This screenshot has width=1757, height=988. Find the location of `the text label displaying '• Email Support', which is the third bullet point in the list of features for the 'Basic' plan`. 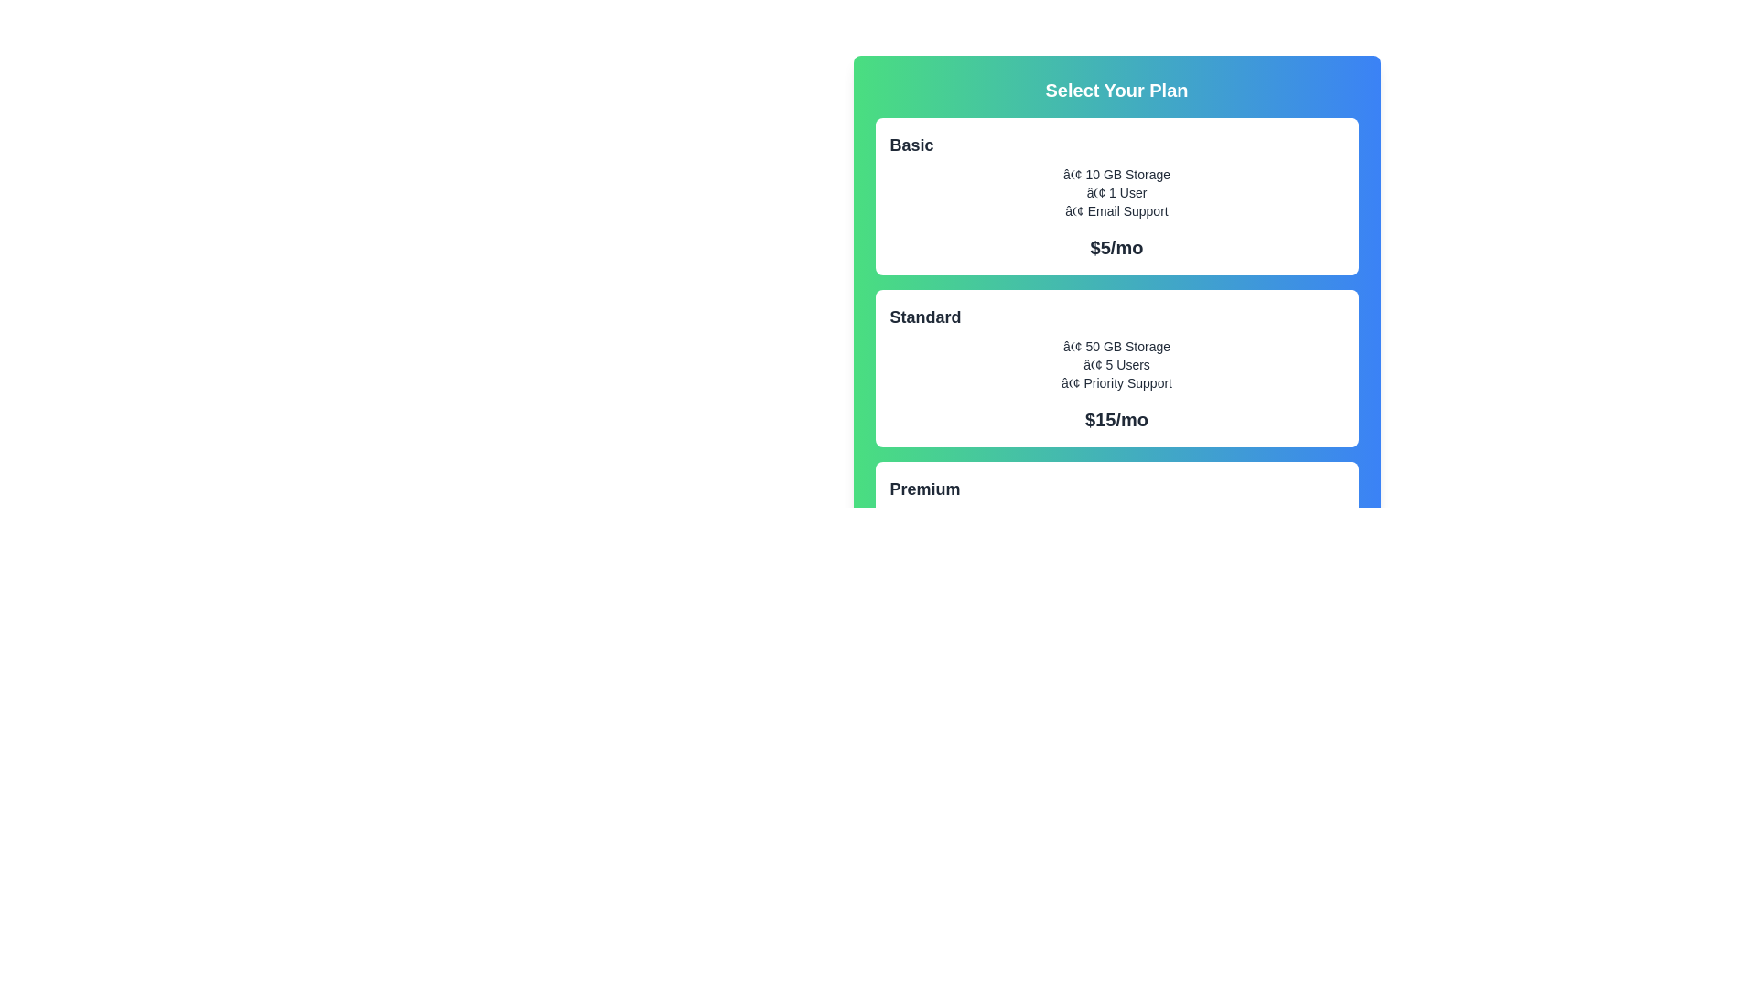

the text label displaying '• Email Support', which is the third bullet point in the list of features for the 'Basic' plan is located at coordinates (1116, 210).